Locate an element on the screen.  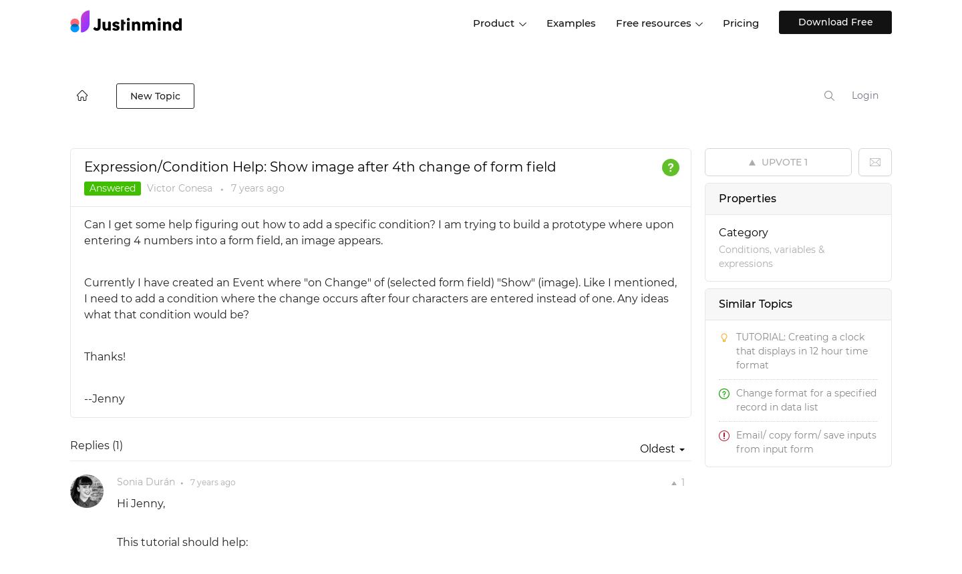
'Oldest' is located at coordinates (657, 449).